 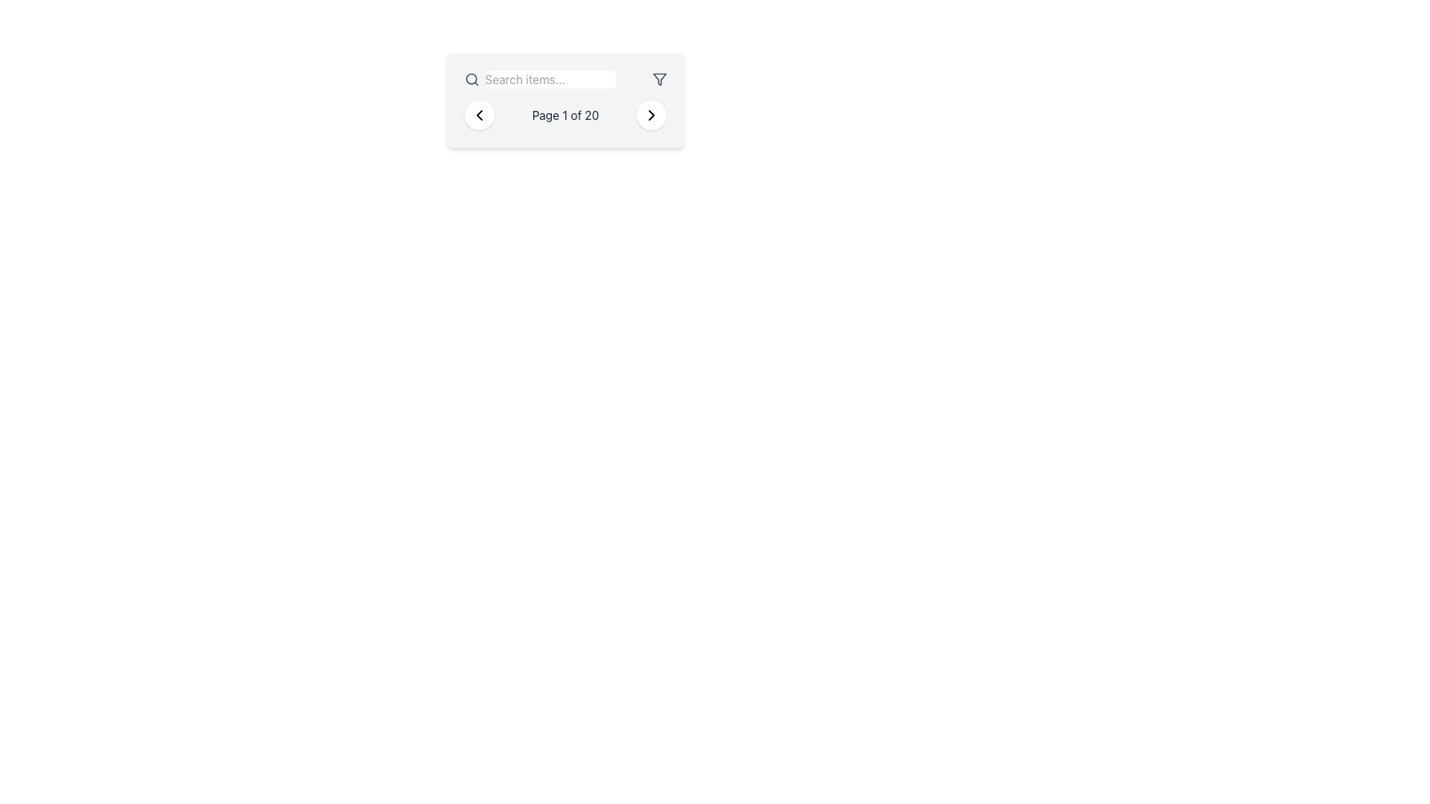 What do you see at coordinates (538, 80) in the screenshot?
I see `the search field text input box, which is a composite UI component featuring a magnifying glass icon, to interact with its placeholder text` at bounding box center [538, 80].